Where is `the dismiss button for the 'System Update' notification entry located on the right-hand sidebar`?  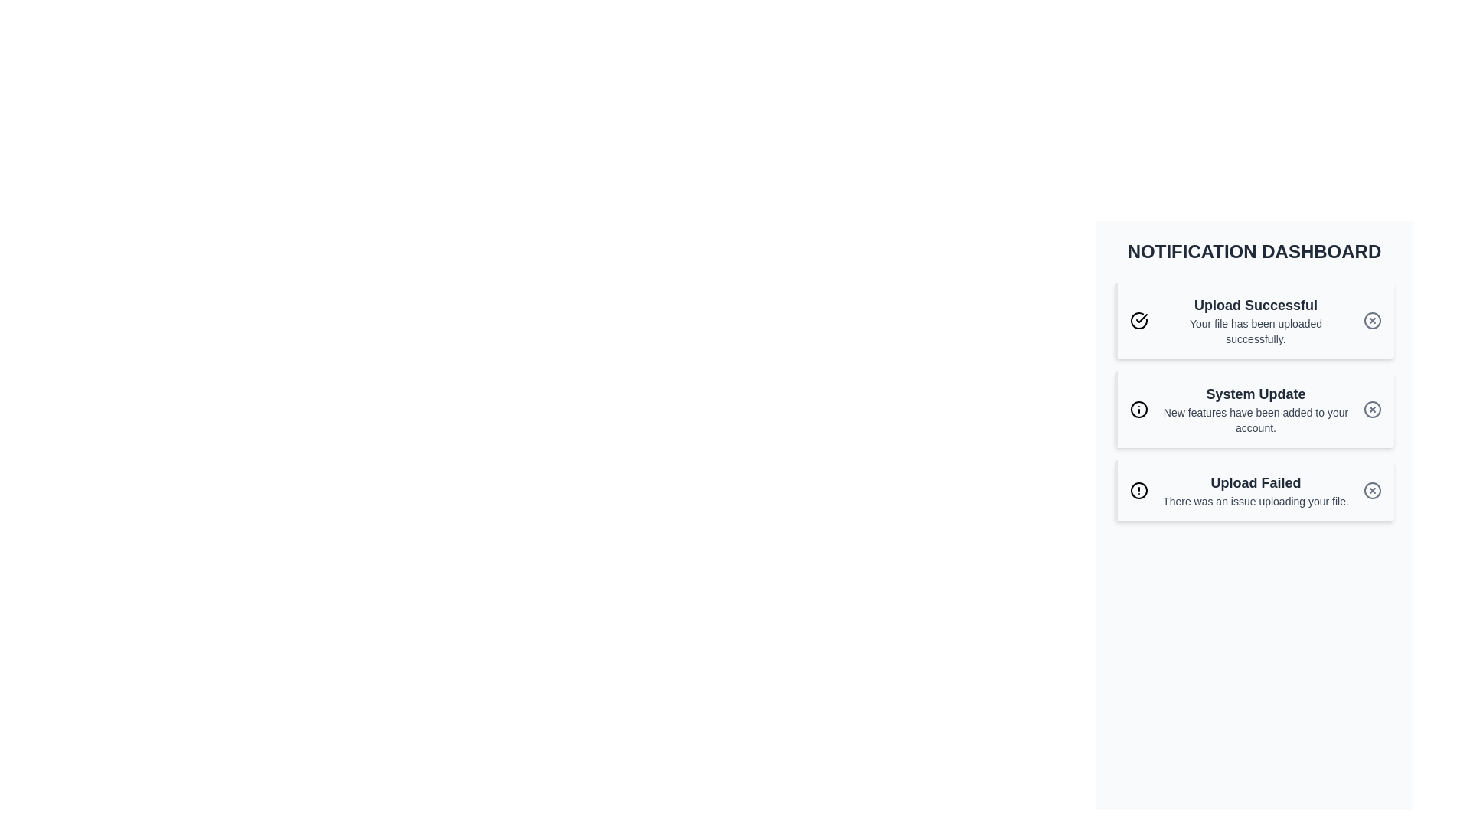 the dismiss button for the 'System Update' notification entry located on the right-hand sidebar is located at coordinates (1373, 409).